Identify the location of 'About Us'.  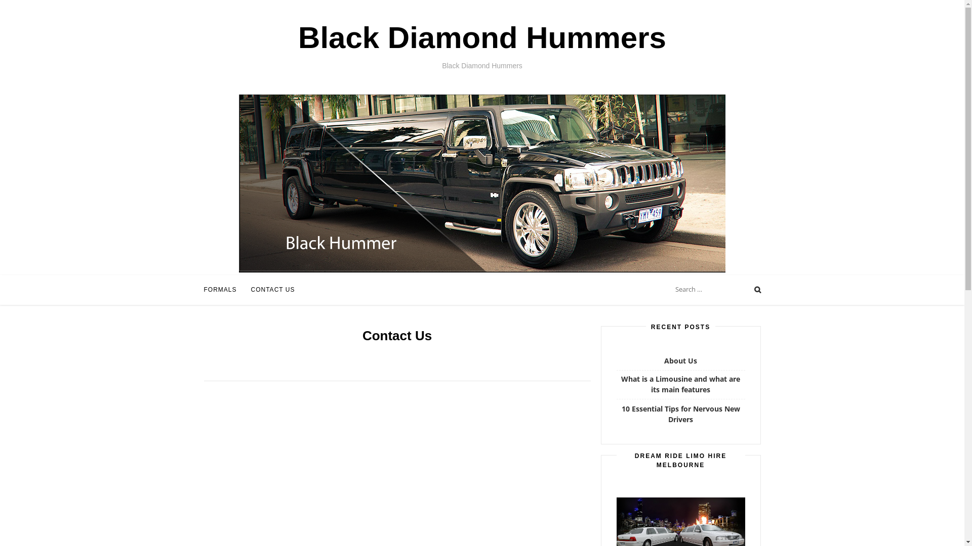
(664, 360).